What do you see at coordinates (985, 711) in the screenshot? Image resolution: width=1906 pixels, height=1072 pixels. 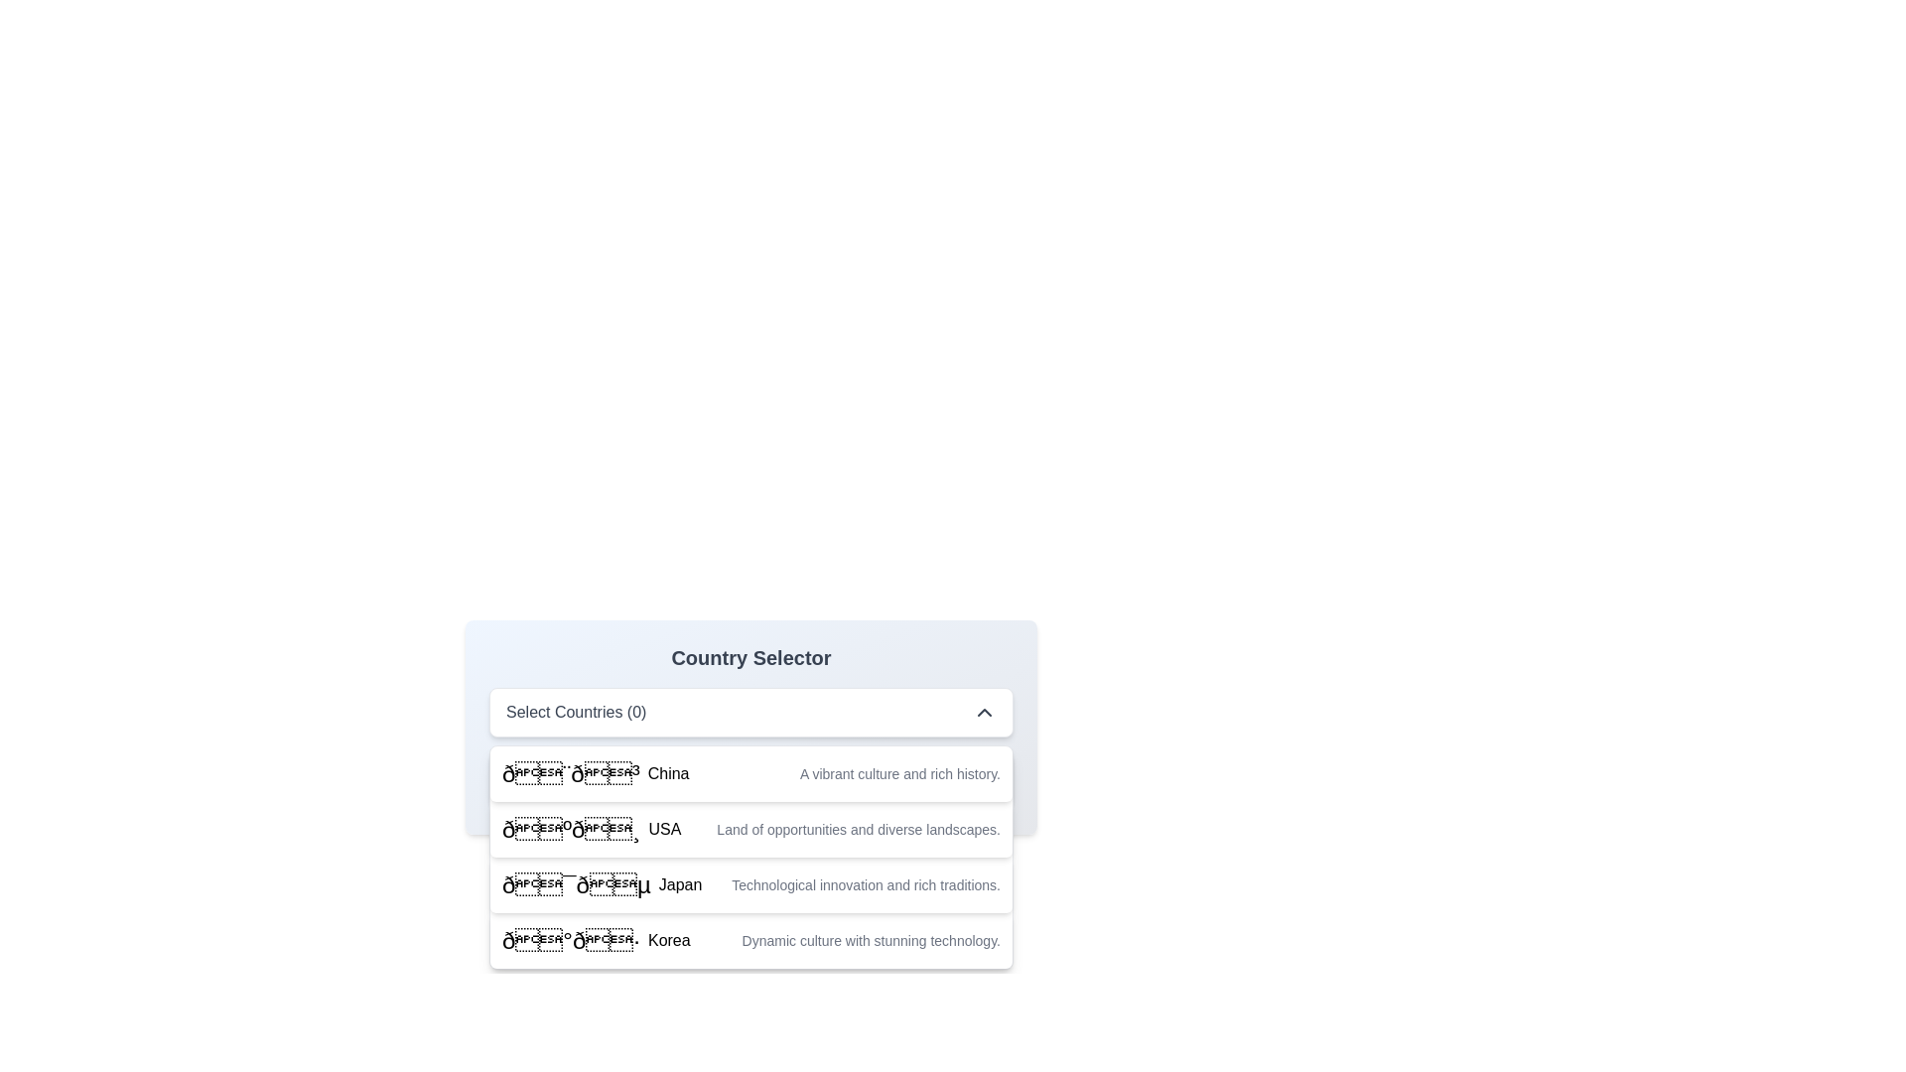 I see `the chevron-up icon with a black outline located at the top-right corner of the 'Select Countries (0)' panel` at bounding box center [985, 711].